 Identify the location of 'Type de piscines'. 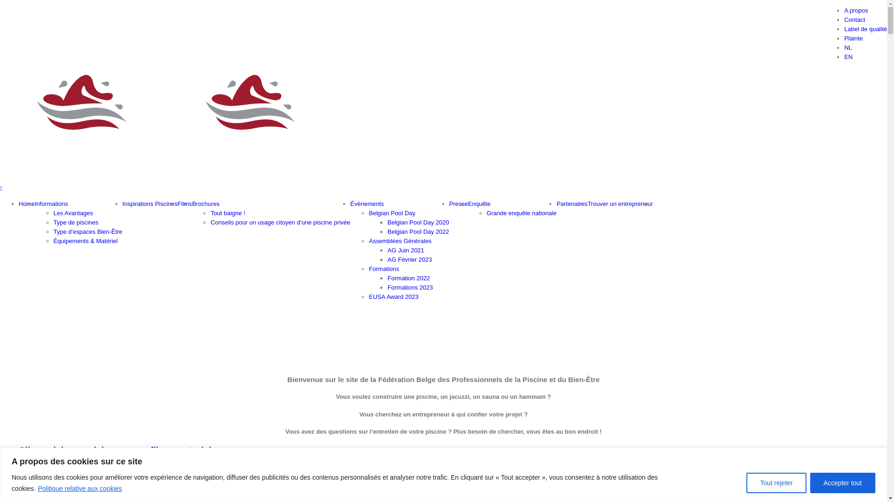
(76, 222).